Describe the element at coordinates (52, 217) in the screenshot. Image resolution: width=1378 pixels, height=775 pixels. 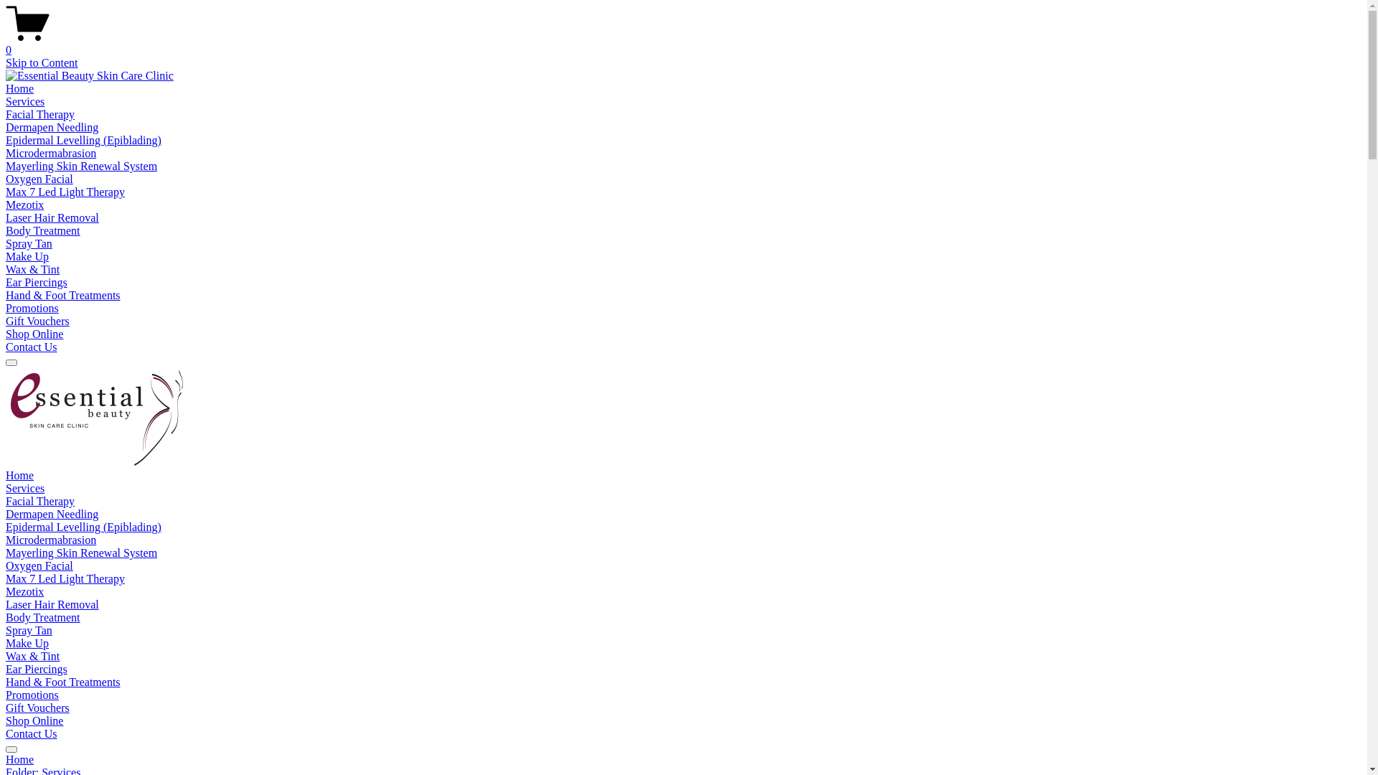
I see `'Laser Hair Removal'` at that location.